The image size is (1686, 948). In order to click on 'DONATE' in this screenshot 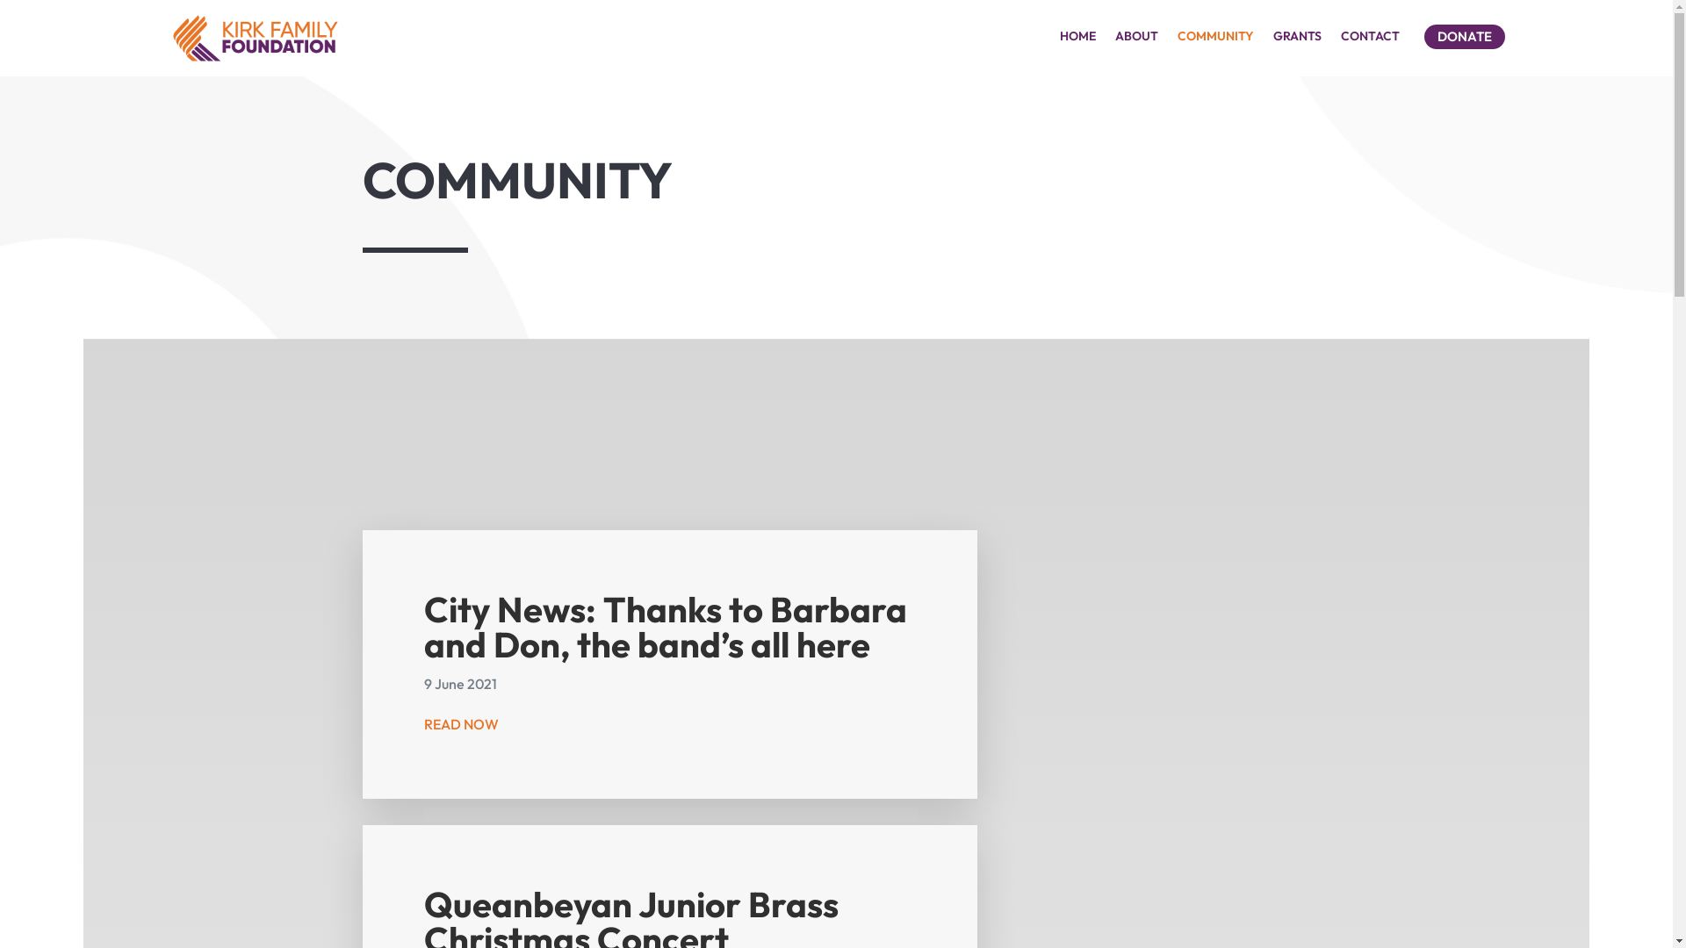, I will do `click(1424, 37)`.